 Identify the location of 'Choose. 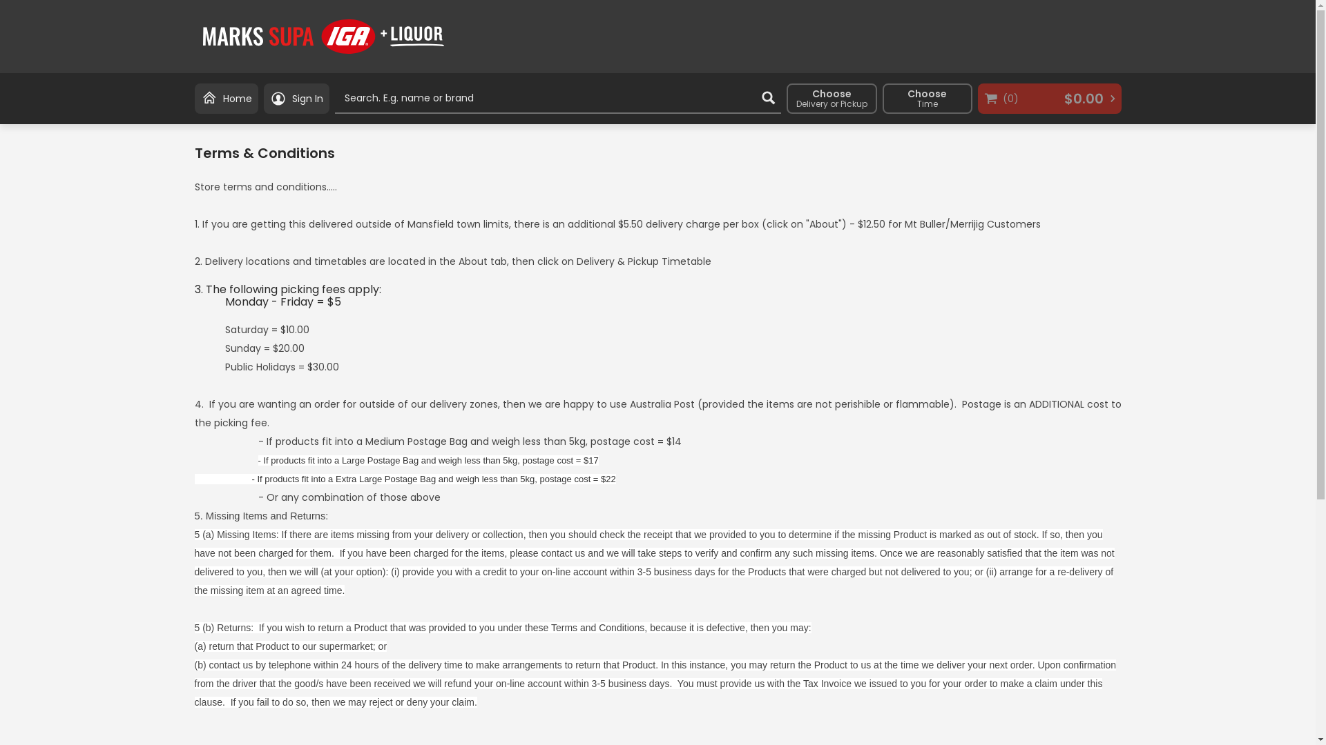
(830, 97).